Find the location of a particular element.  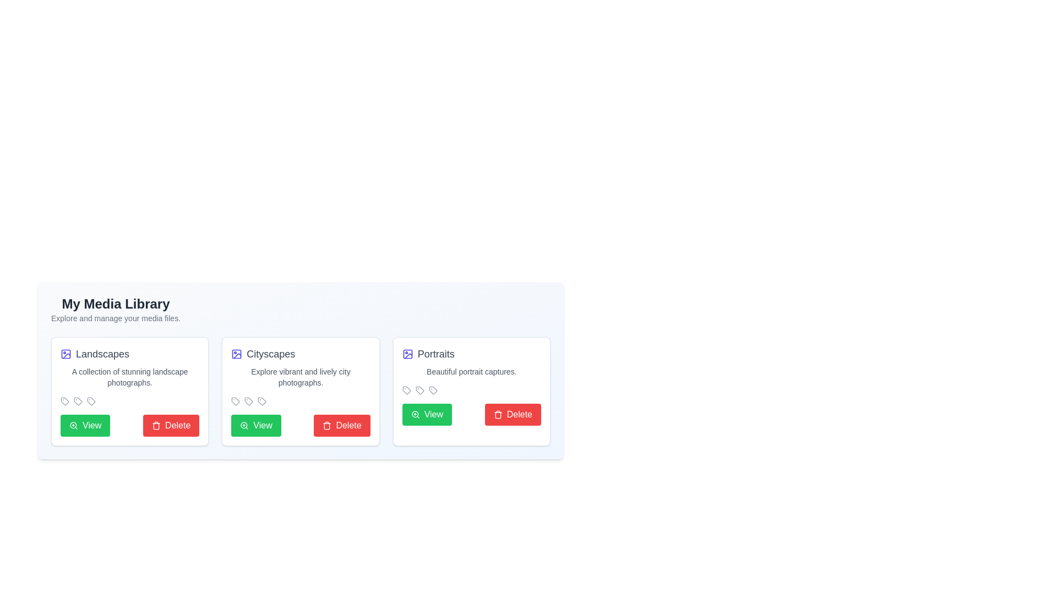

the 'View' button located at the bottom of the 'Portraits' card is located at coordinates (471, 414).